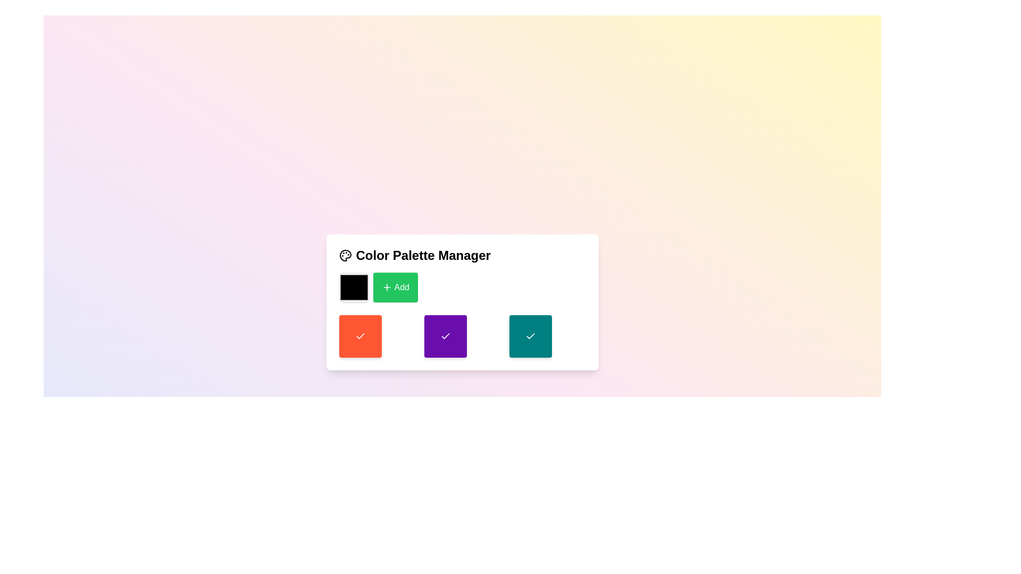 The height and width of the screenshot is (574, 1021). Describe the element at coordinates (345, 256) in the screenshot. I see `the palette icon, which is a circular shape with four smaller circles inside, located in the upper-left corner of the 'Color Palette Manager' panel` at that location.